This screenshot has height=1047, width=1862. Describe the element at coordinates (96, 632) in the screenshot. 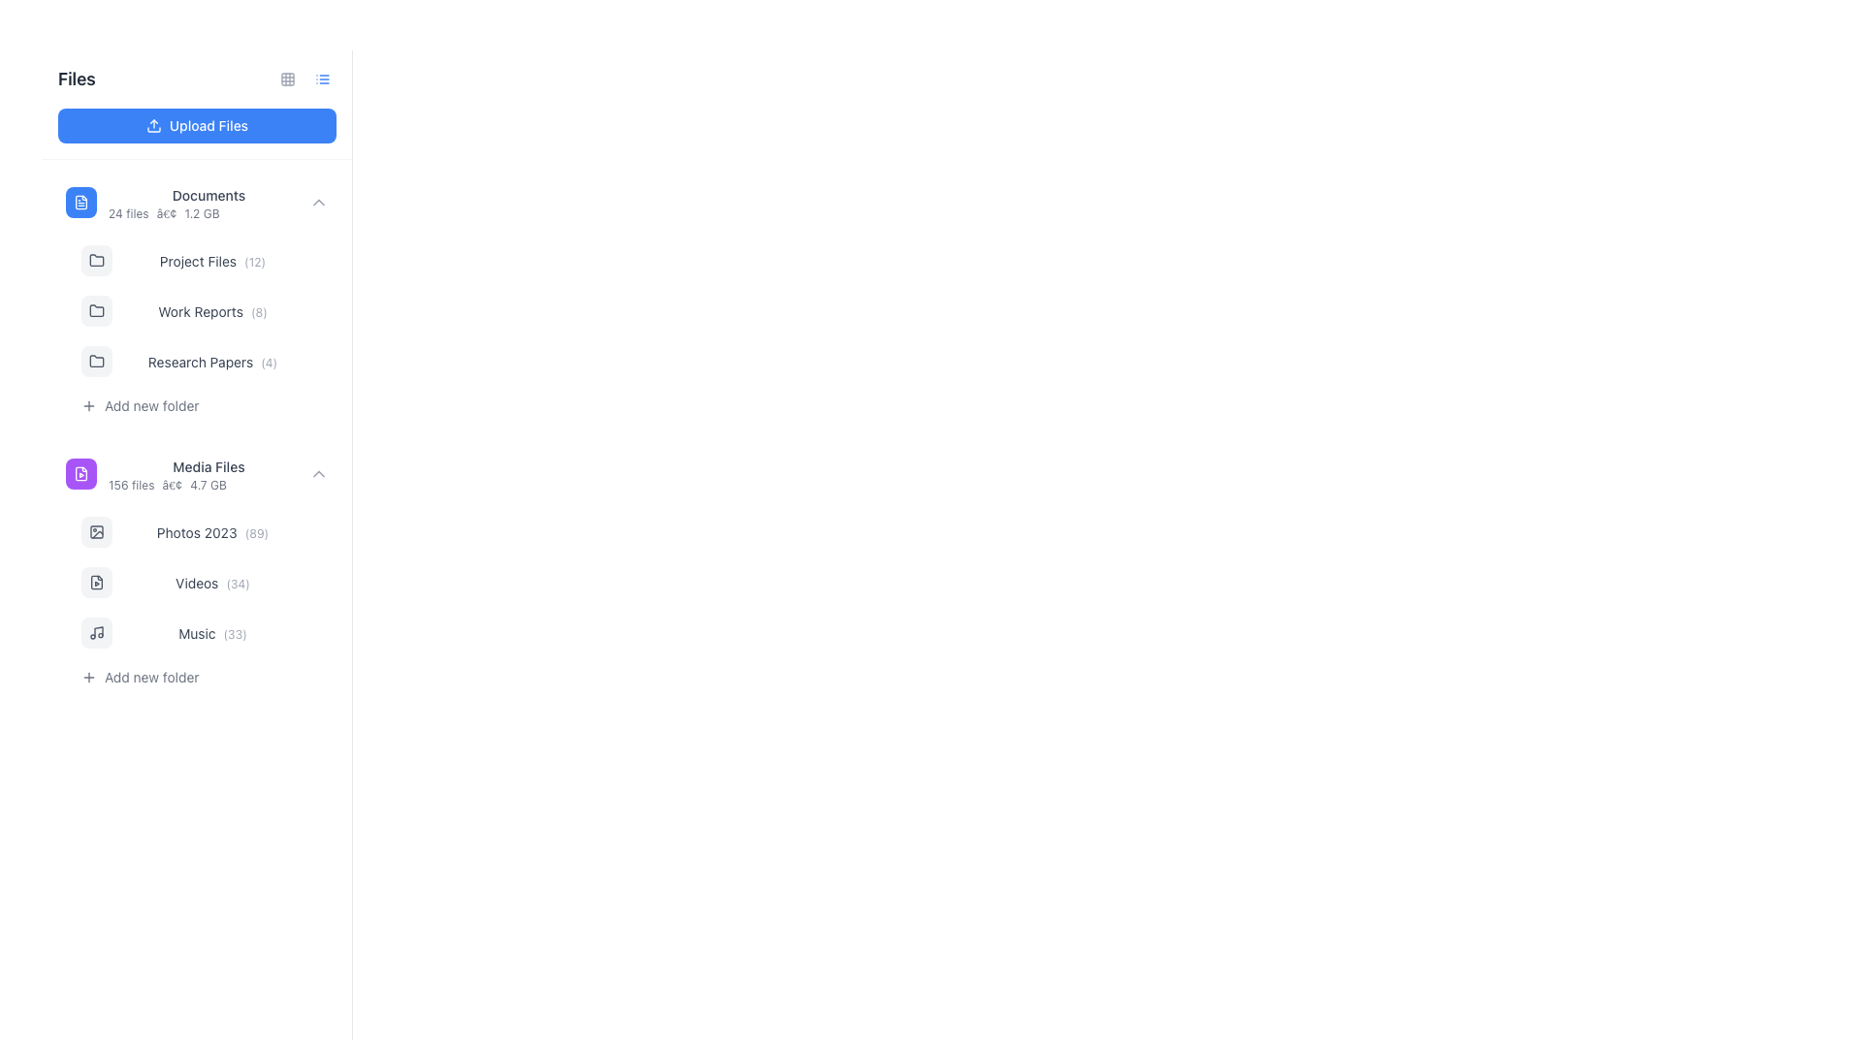

I see `the Icon button featuring a musical note, located at the top-left corner of the 'Music (33)' folder entry in the sidebar` at that location.